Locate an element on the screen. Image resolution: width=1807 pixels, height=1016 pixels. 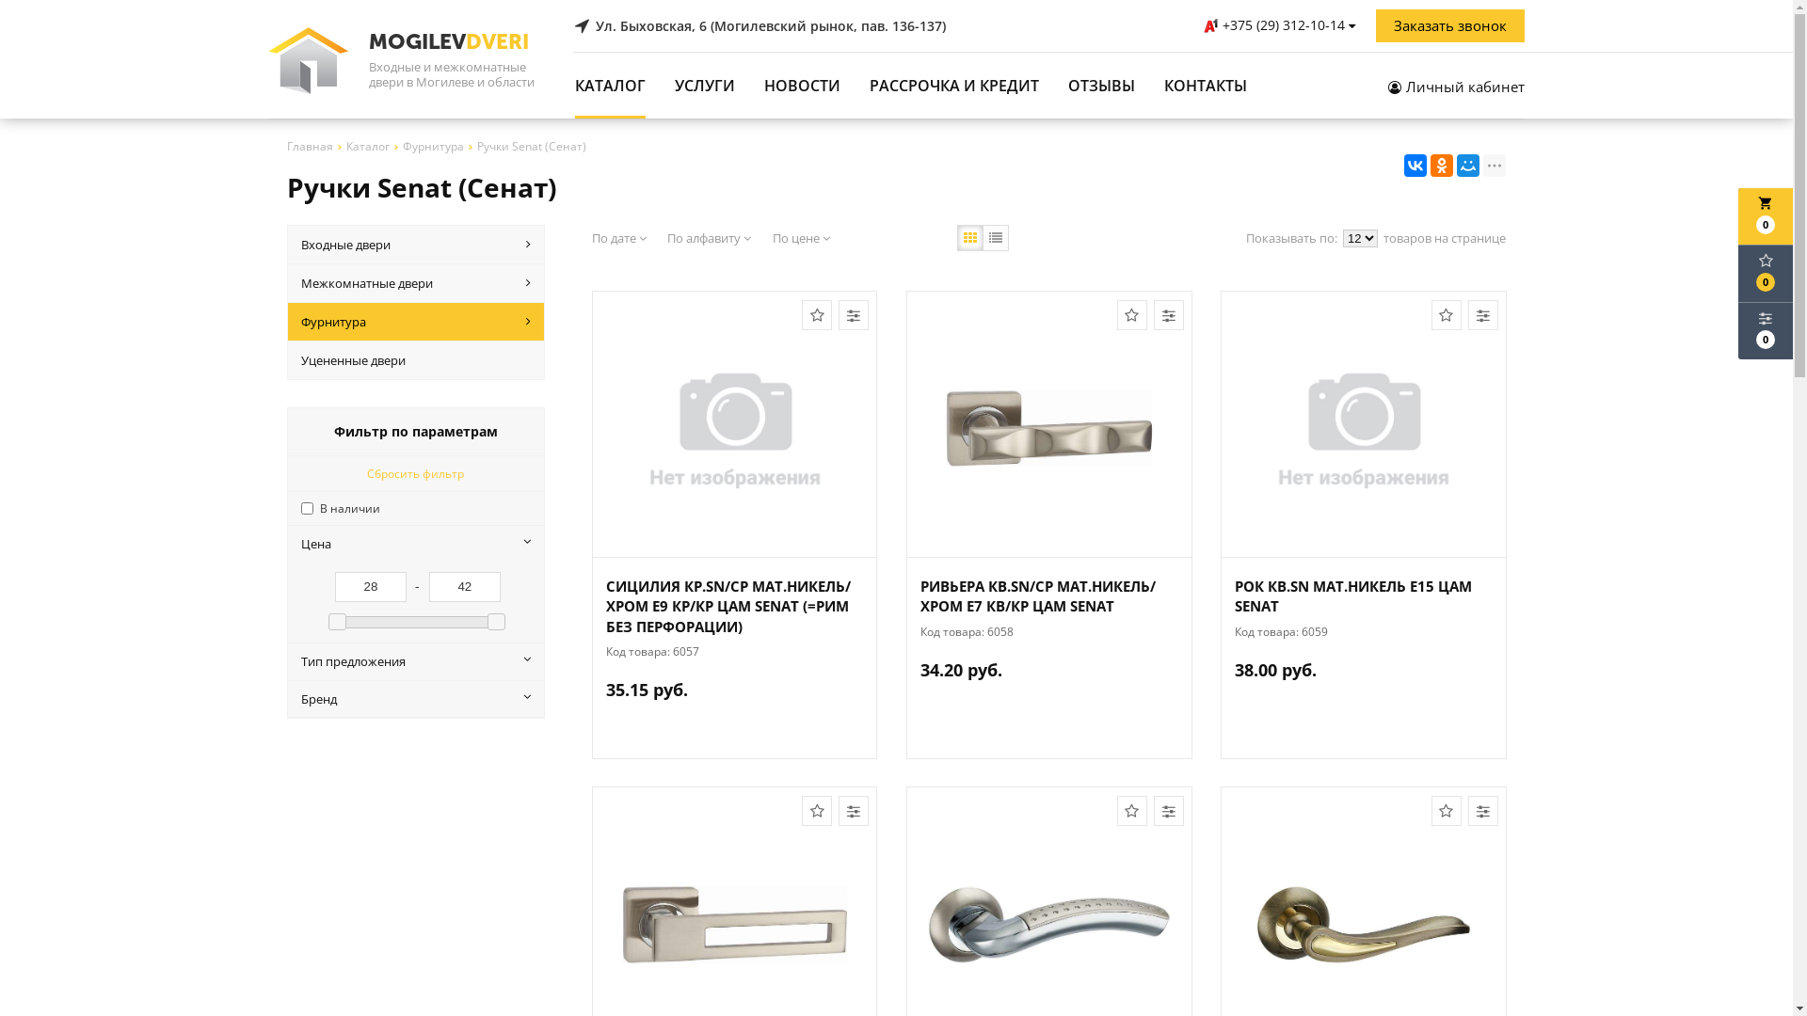
'0' is located at coordinates (1765, 273).